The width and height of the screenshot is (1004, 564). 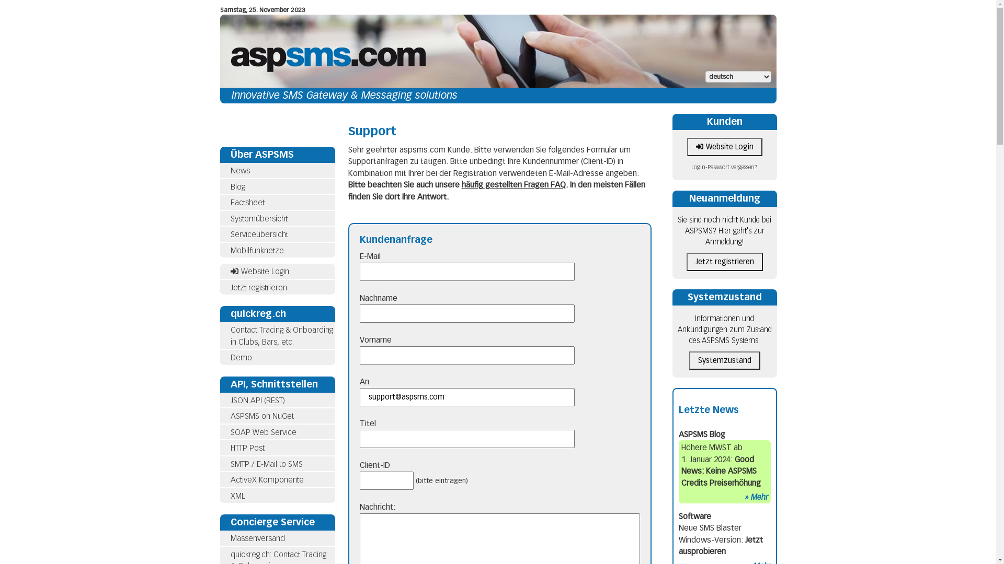 I want to click on 'Website Login', so click(x=277, y=271).